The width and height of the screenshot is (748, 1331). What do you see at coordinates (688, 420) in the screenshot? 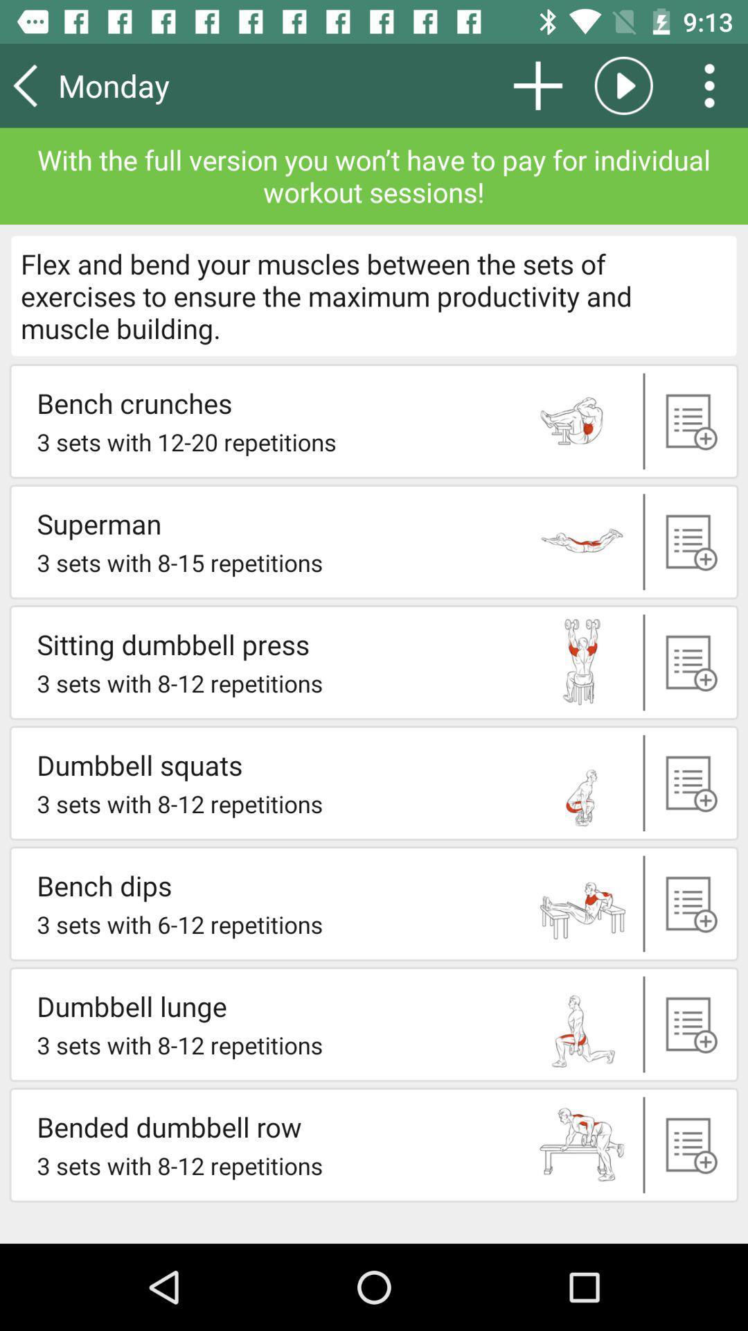
I see `the add icon` at bounding box center [688, 420].